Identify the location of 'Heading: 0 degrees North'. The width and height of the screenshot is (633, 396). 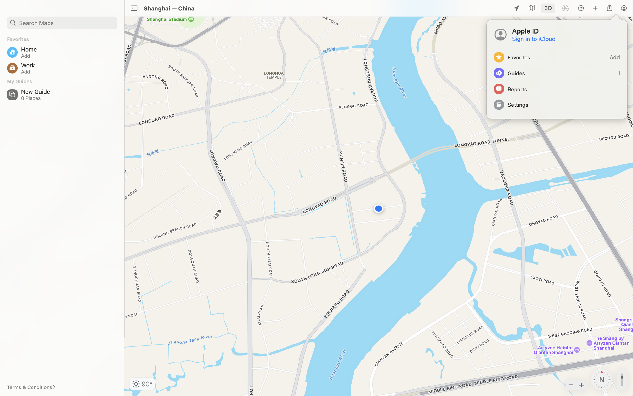
(602, 379).